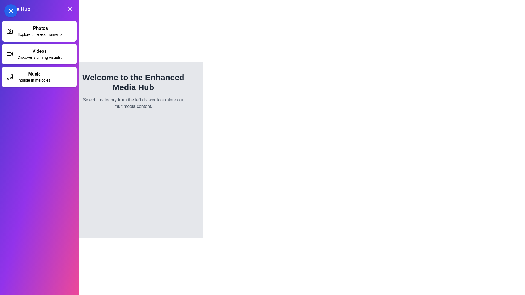  Describe the element at coordinates (11, 11) in the screenshot. I see `toggle button located at the top-left corner to change the drawer state` at that location.